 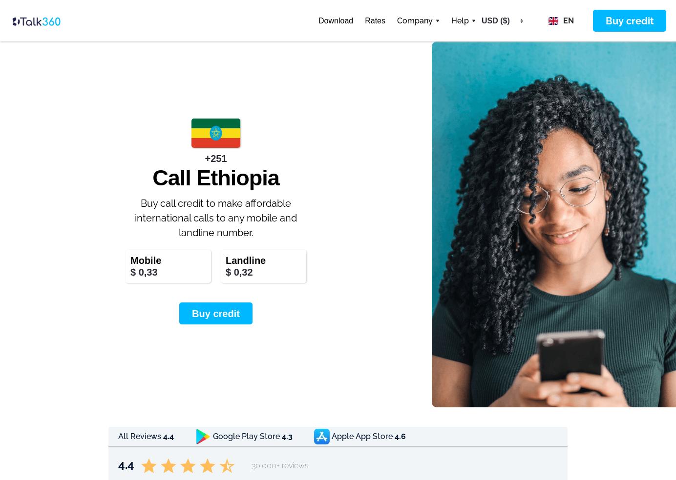 I want to click on 'Mobile', so click(x=146, y=260).